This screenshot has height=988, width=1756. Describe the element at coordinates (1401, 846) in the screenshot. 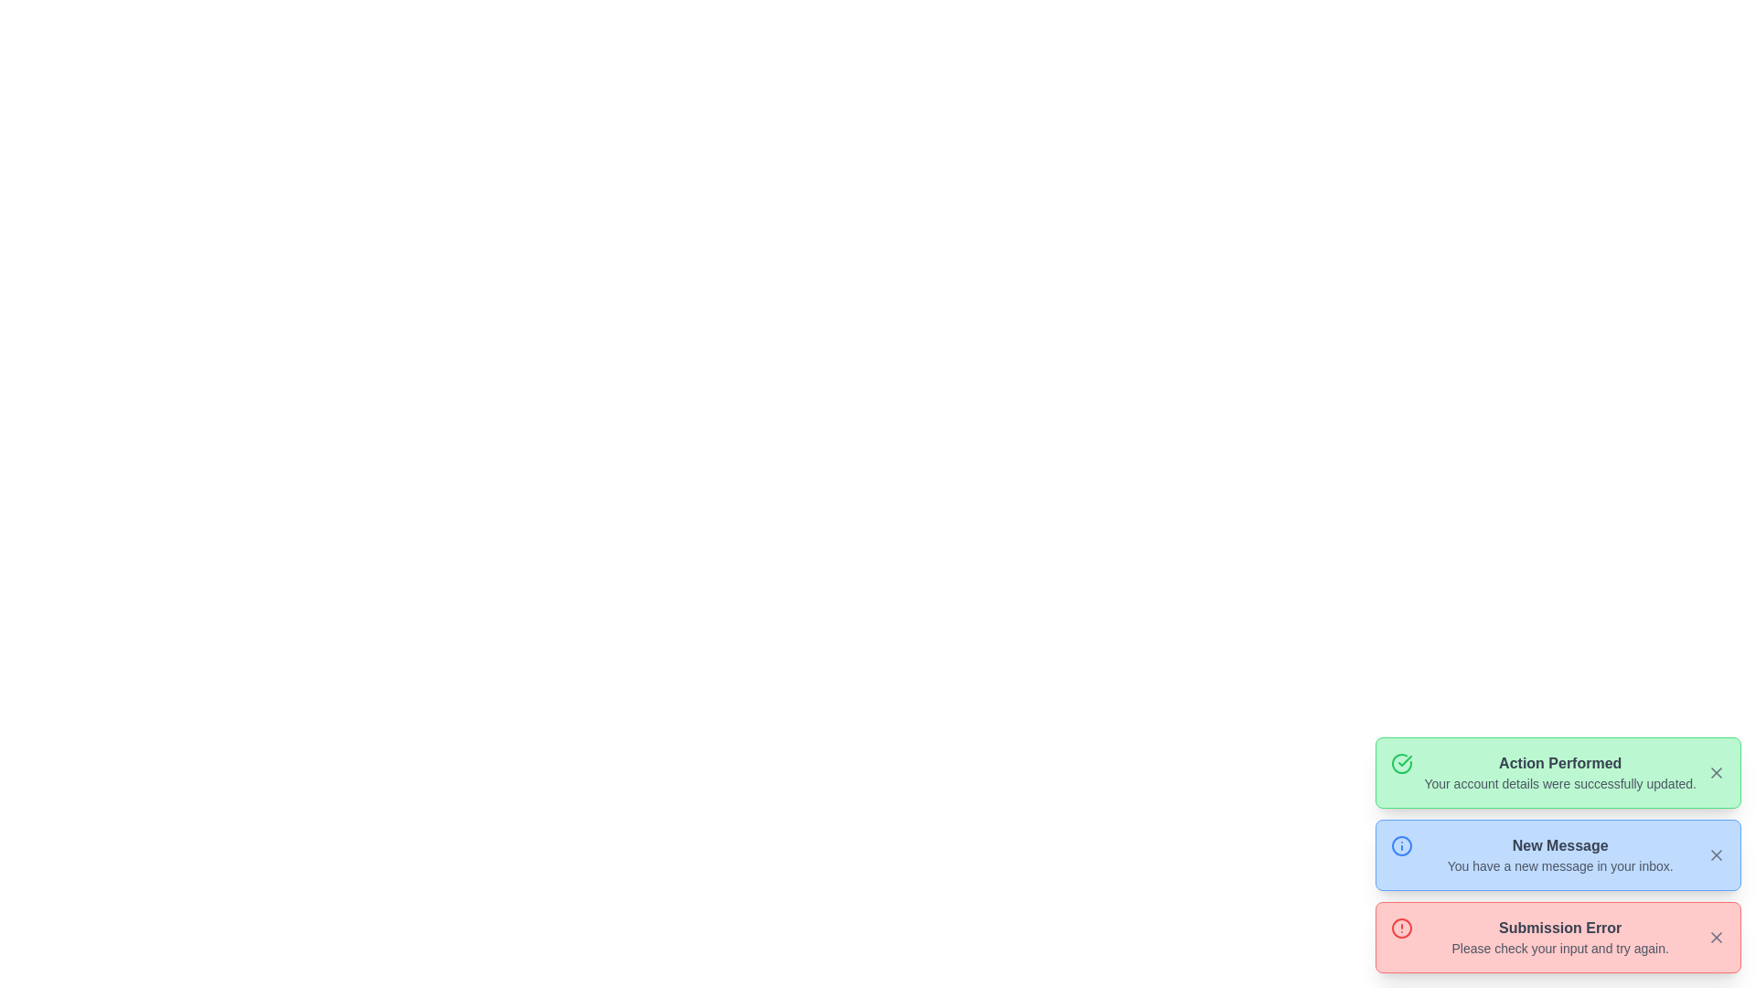

I see `the circular icon with a blue border and lighter blue fill, located centrally within the 'New Message' notification card` at that location.